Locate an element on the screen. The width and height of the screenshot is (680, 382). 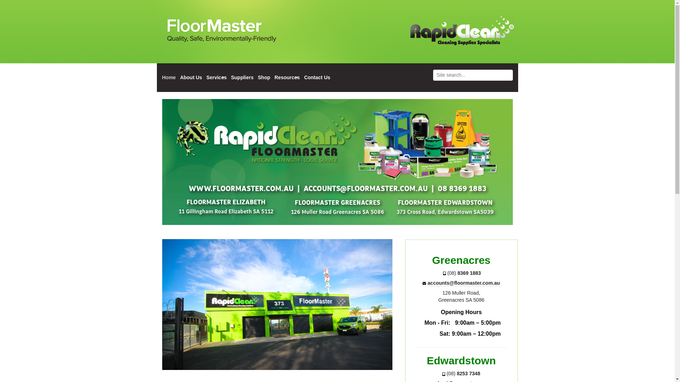
'About Us' is located at coordinates (191, 77).